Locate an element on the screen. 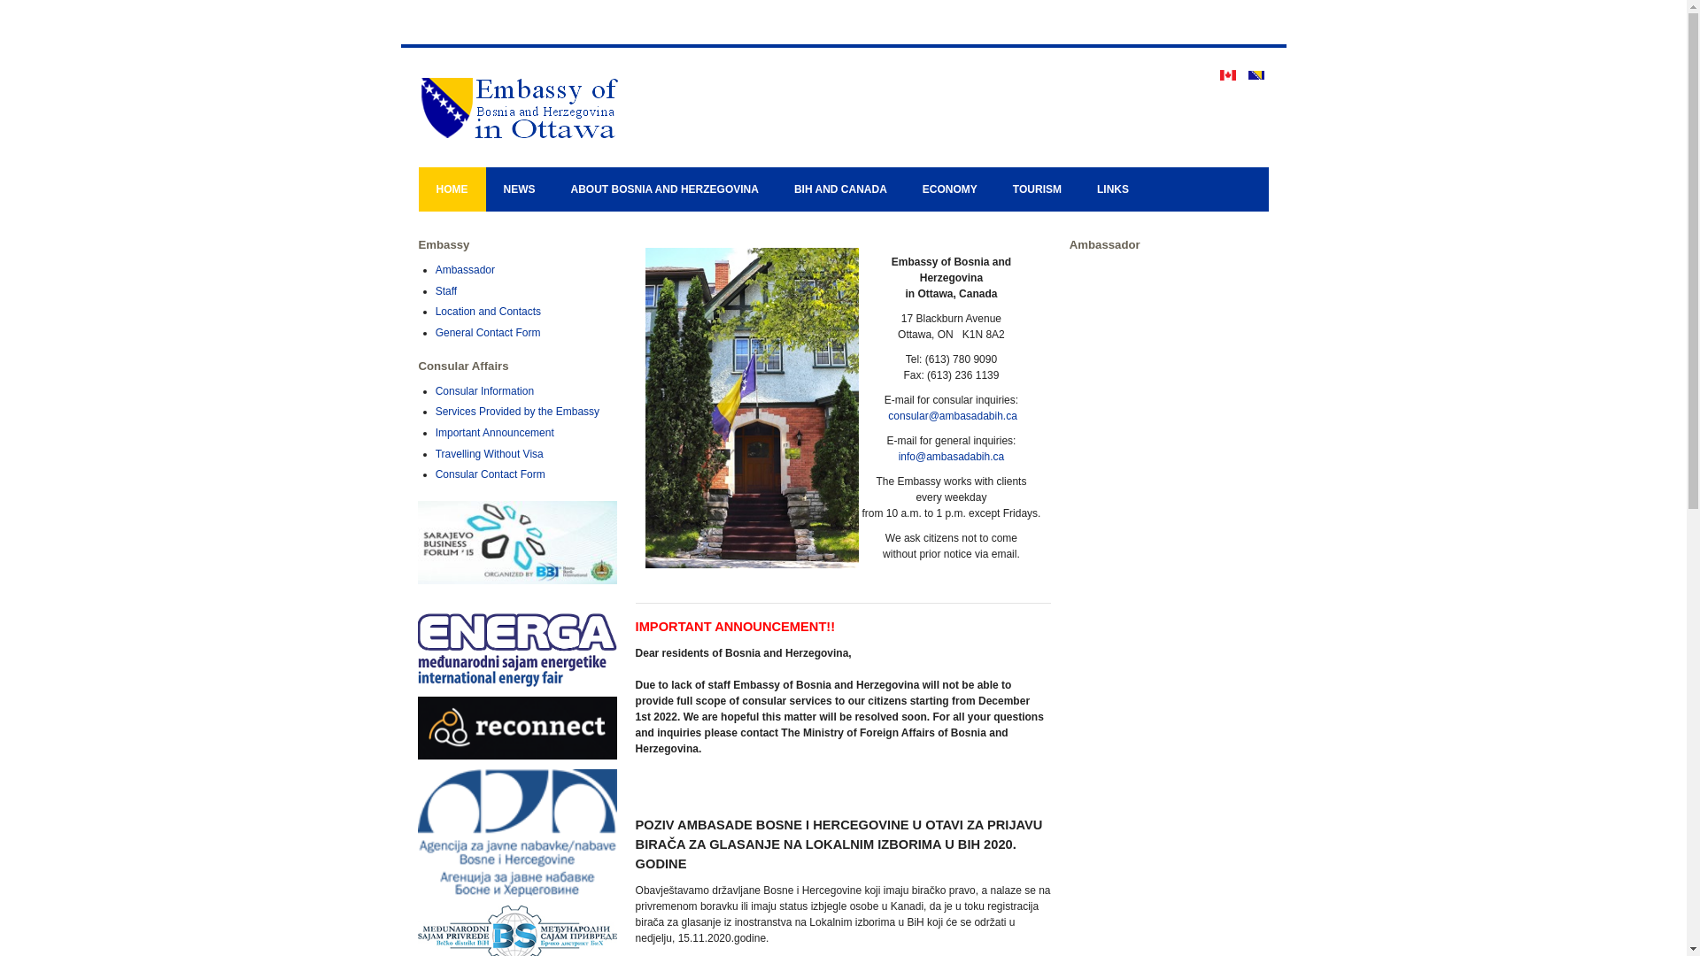 This screenshot has height=956, width=1700. 'consular@ambasadabih.ca' is located at coordinates (951, 416).